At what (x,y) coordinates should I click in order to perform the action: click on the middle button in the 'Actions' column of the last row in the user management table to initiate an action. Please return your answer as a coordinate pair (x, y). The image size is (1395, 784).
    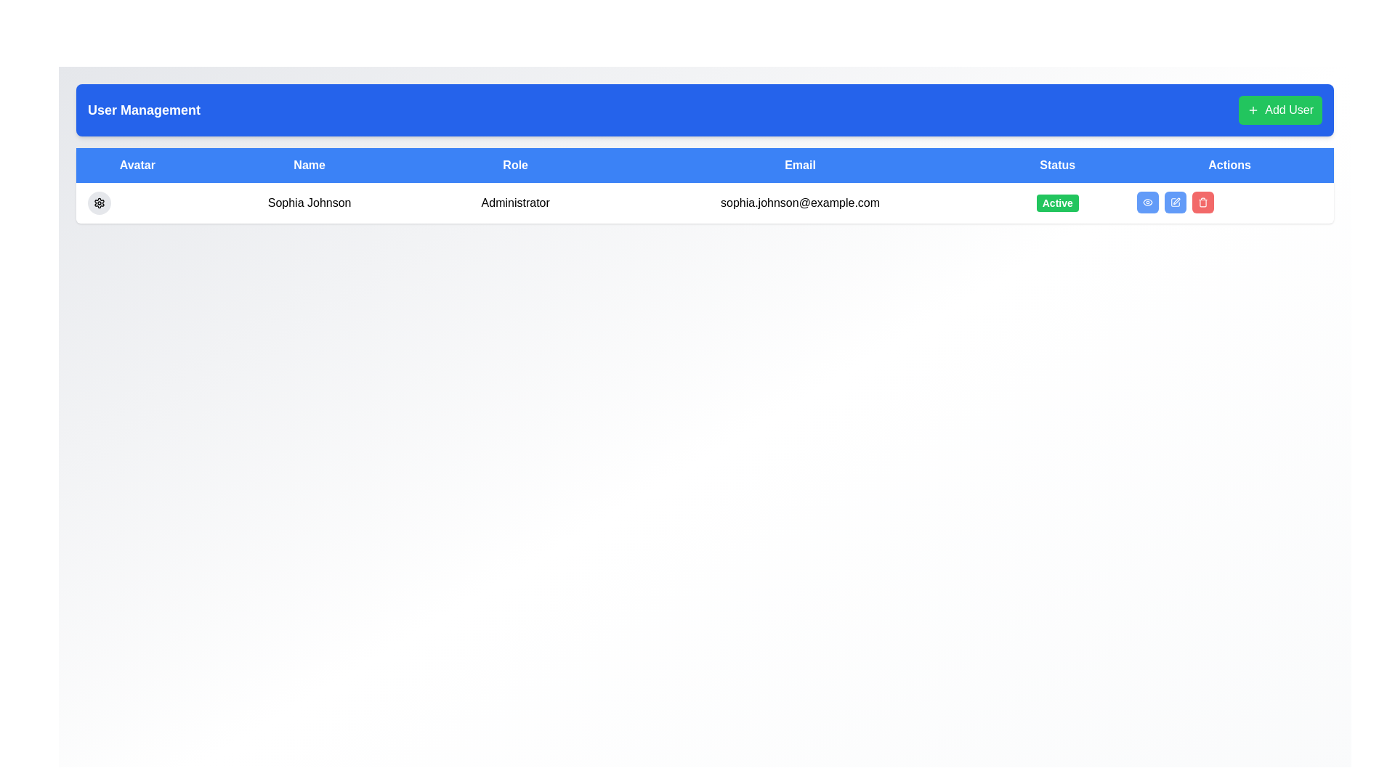
    Looking at the image, I should click on (1176, 202).